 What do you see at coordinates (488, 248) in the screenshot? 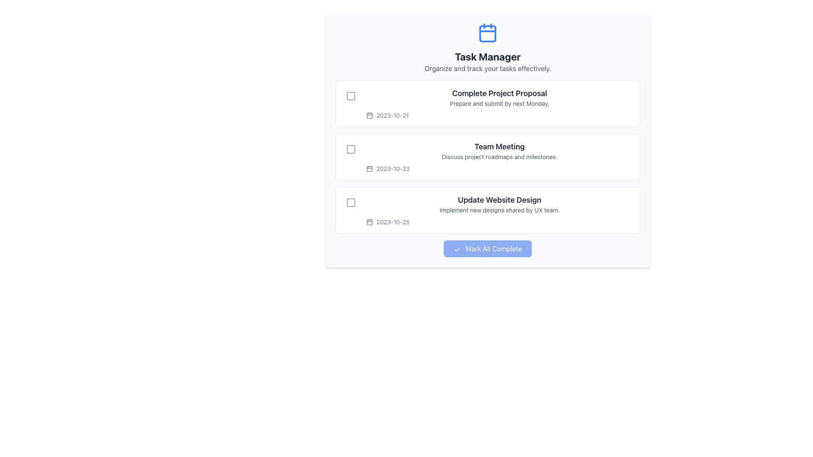
I see `the 'Mark All Complete' button with a blue background and white text, located at the bottom of the Task Manager interface` at bounding box center [488, 248].